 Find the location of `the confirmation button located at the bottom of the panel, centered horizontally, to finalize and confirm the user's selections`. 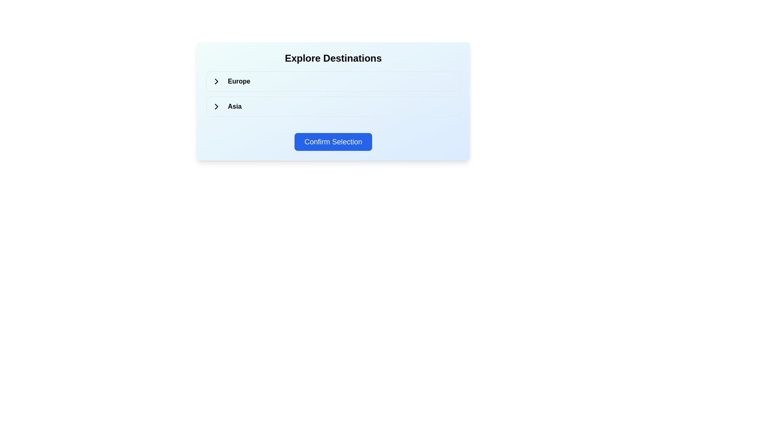

the confirmation button located at the bottom of the panel, centered horizontally, to finalize and confirm the user's selections is located at coordinates (333, 142).